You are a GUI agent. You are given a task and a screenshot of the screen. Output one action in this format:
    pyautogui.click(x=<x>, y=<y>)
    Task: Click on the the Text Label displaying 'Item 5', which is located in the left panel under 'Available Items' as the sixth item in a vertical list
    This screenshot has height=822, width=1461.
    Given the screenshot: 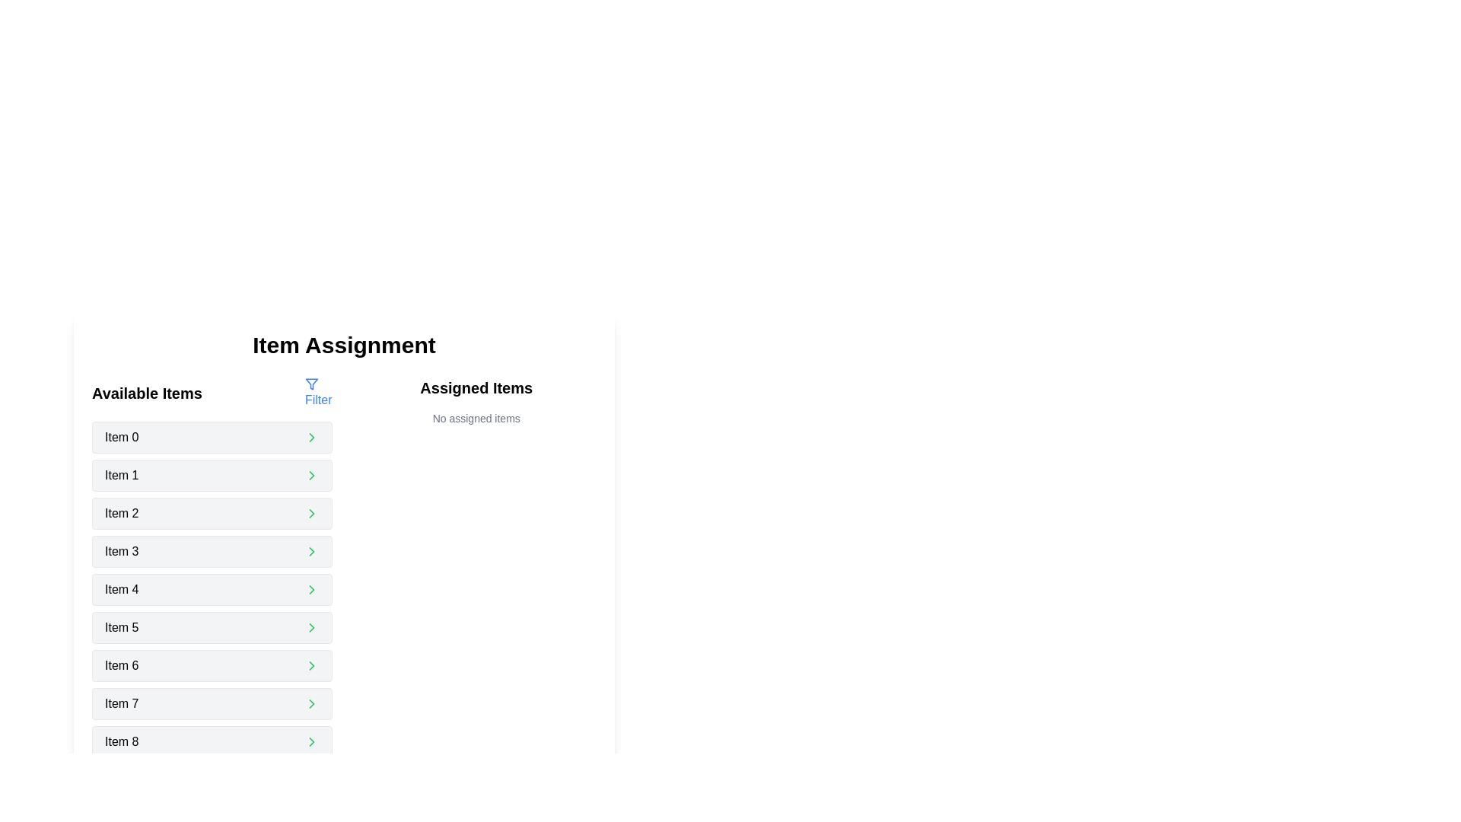 What is the action you would take?
    pyautogui.click(x=122, y=628)
    